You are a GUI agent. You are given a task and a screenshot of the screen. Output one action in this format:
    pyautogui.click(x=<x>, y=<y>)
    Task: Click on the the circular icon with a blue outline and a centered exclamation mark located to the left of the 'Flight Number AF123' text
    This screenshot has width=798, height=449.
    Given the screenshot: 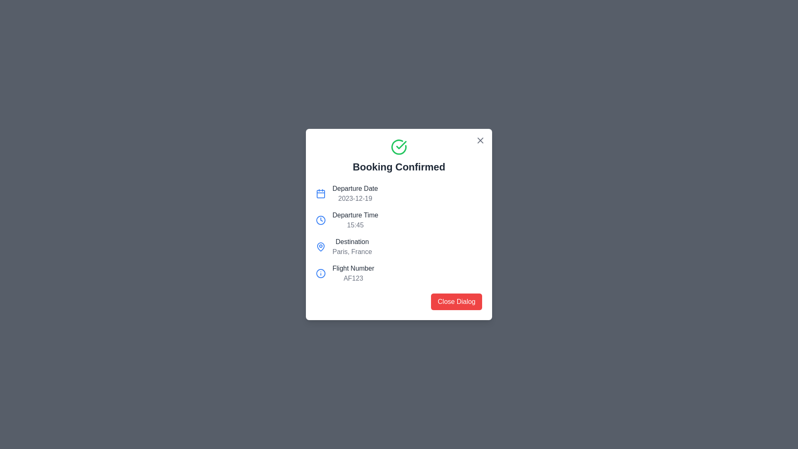 What is the action you would take?
    pyautogui.click(x=320, y=274)
    